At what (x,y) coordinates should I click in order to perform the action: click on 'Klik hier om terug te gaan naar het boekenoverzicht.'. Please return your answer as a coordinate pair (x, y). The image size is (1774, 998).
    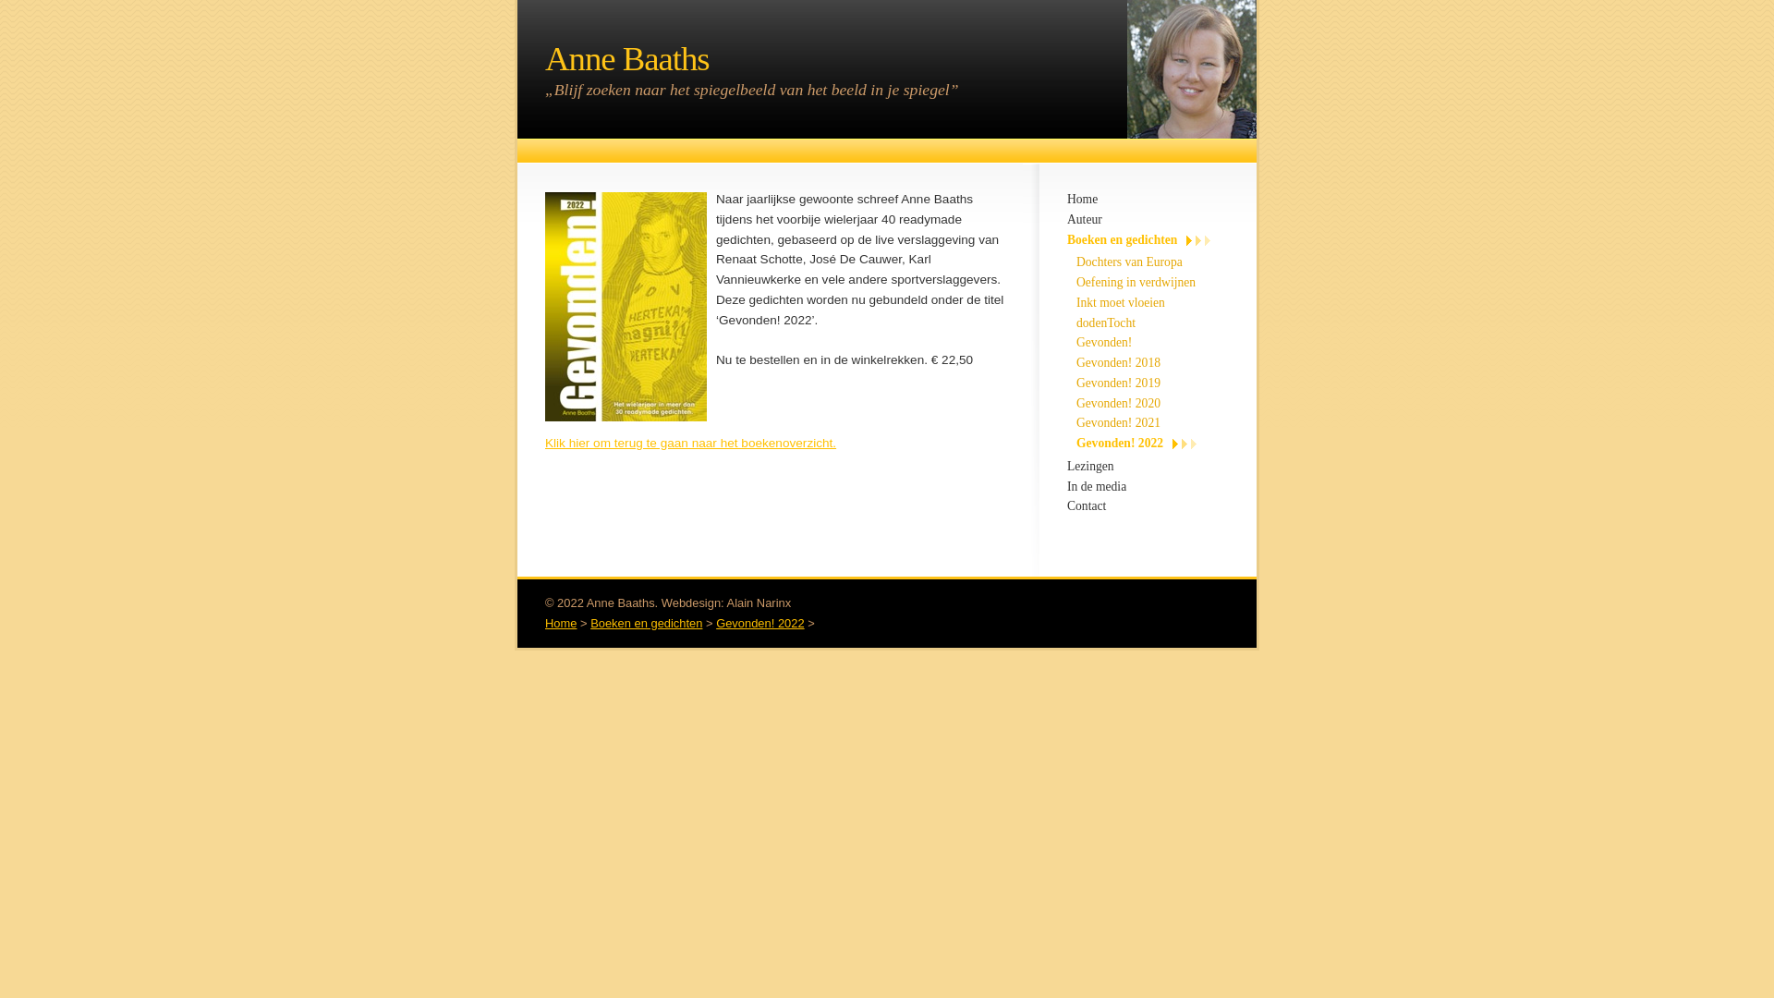
    Looking at the image, I should click on (544, 443).